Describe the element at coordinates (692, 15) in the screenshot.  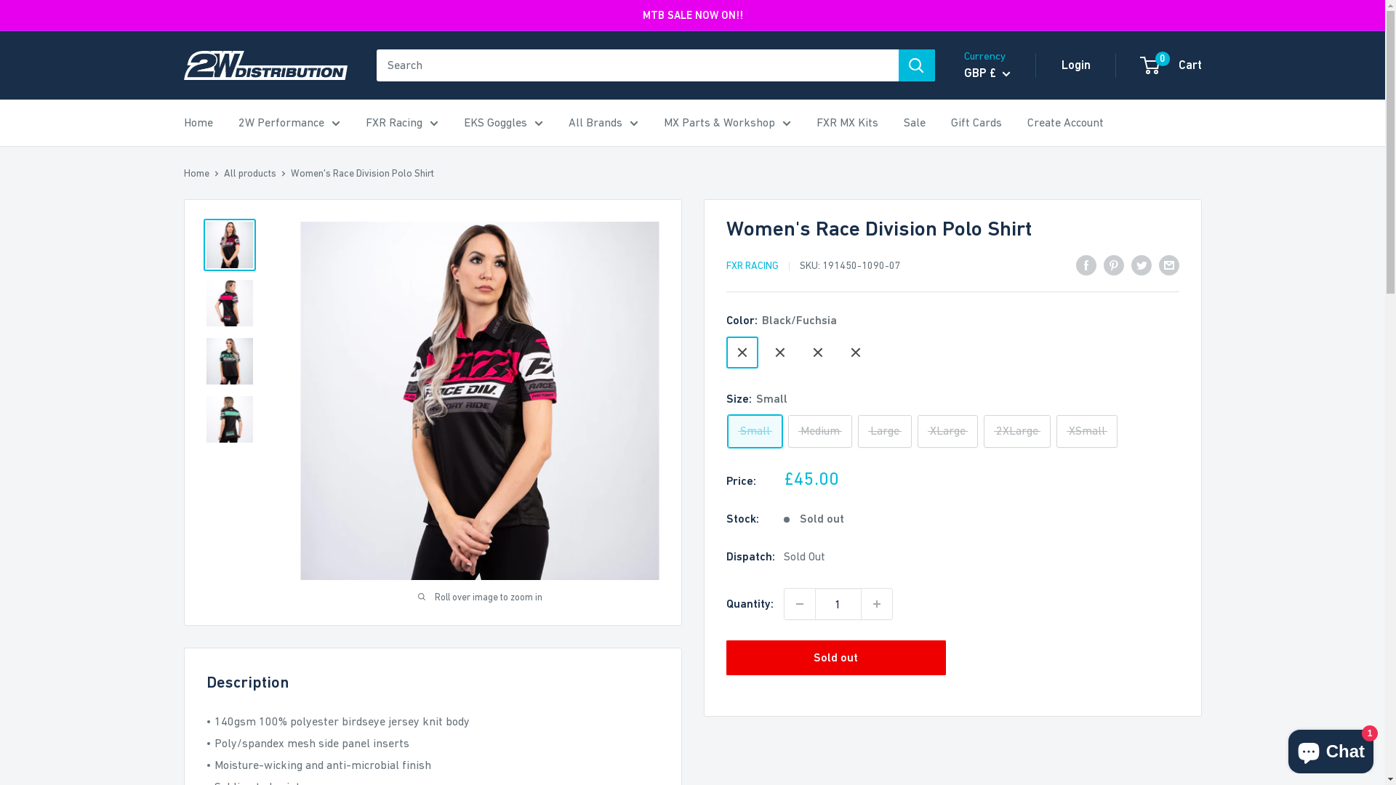
I see `'MTB SALE NOW ON!!'` at that location.